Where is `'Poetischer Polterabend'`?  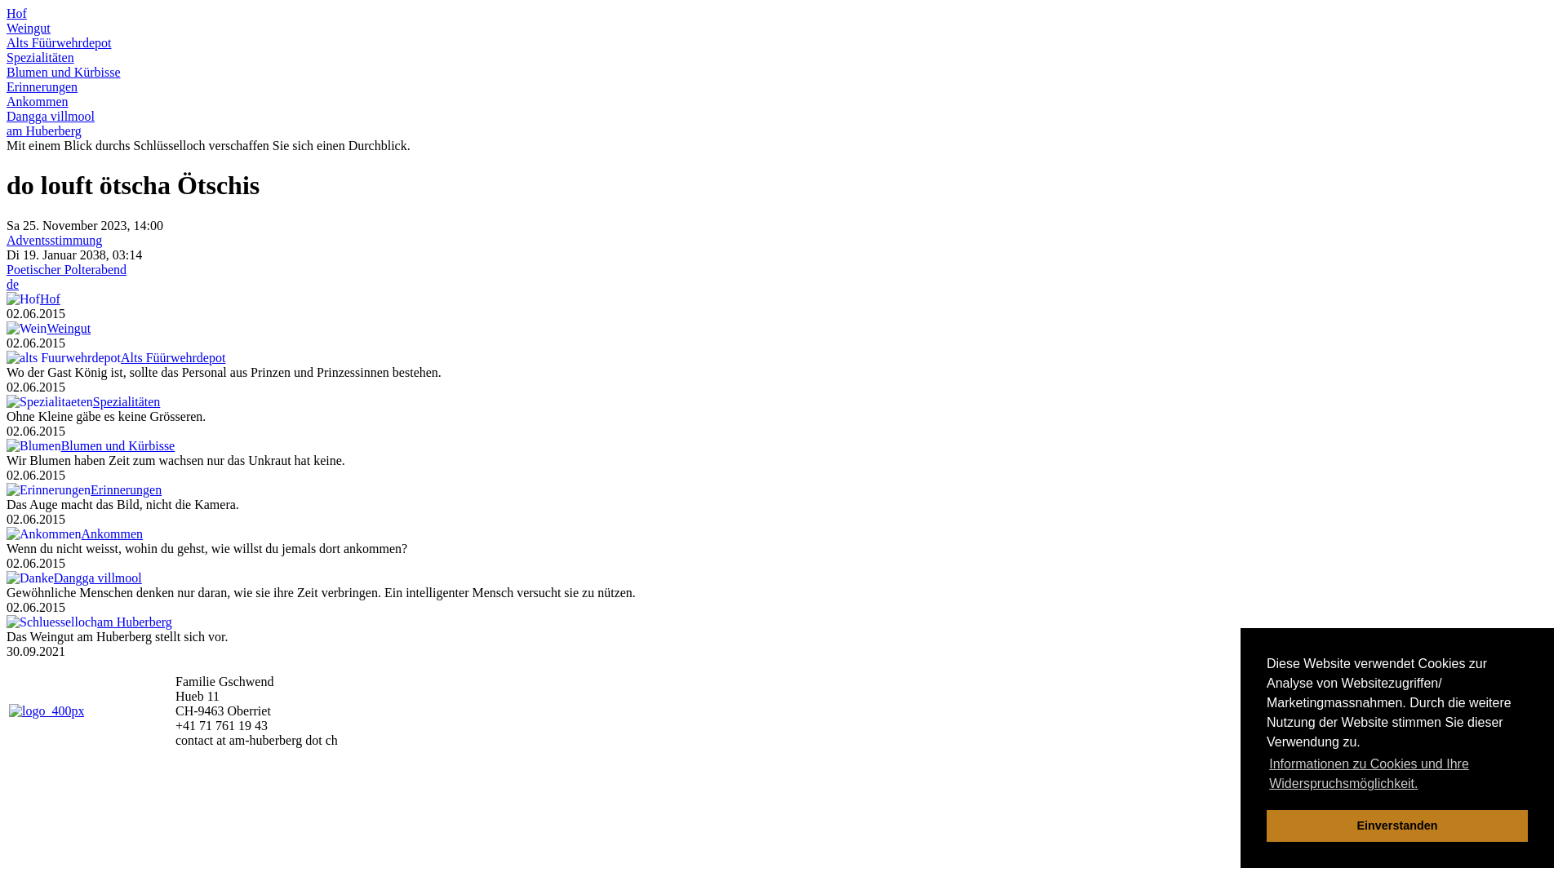
'Poetischer Polterabend' is located at coordinates (7, 268).